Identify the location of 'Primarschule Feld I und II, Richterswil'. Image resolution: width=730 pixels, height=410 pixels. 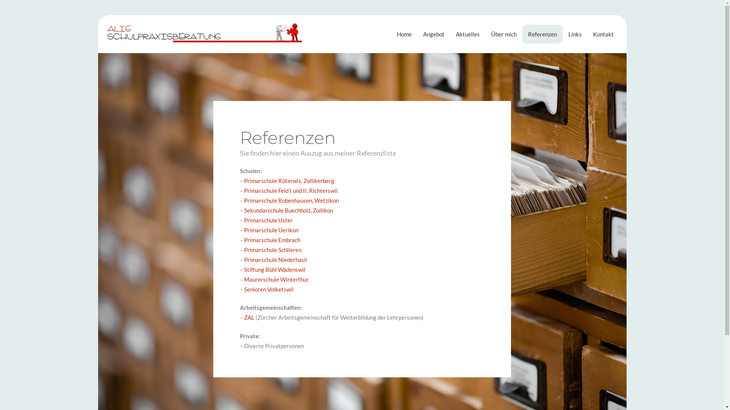
(290, 190).